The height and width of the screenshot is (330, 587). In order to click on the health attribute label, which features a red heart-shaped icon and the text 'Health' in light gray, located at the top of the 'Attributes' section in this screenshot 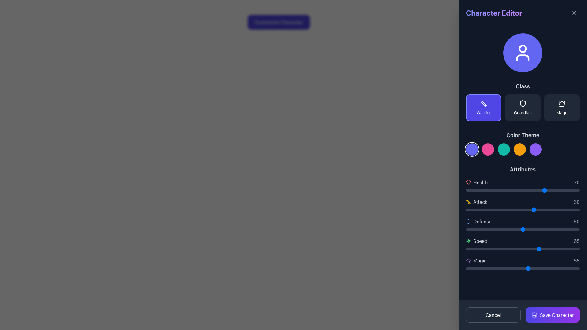, I will do `click(476, 182)`.